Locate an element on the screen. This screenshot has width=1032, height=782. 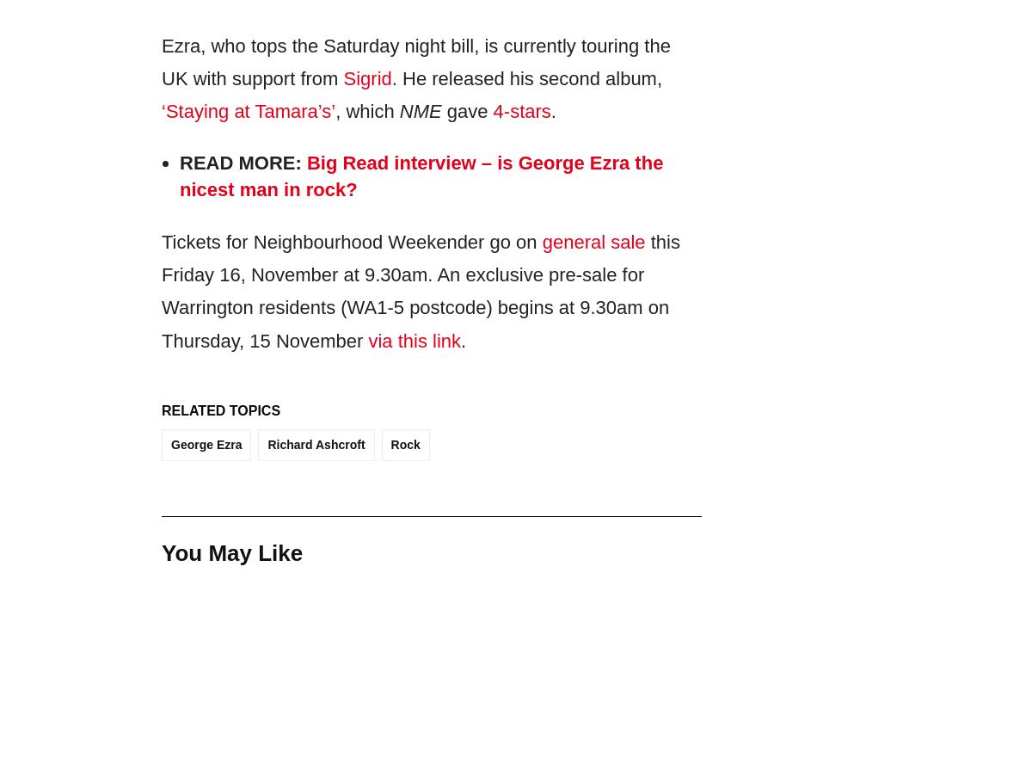
'this Friday 16, November at 9.30am. An exclusive pre-sale for Warrington residents (WA1-5 postcode) begins at 9.30am on Thursday, 15 November' is located at coordinates (419, 290).